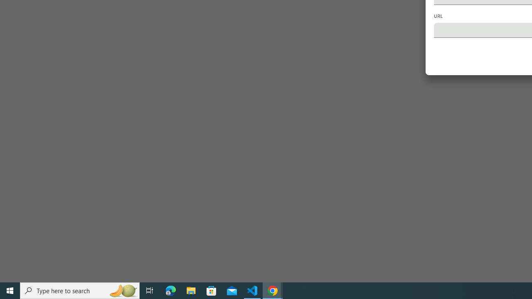  Describe the element at coordinates (212, 290) in the screenshot. I see `'Microsoft Store'` at that location.